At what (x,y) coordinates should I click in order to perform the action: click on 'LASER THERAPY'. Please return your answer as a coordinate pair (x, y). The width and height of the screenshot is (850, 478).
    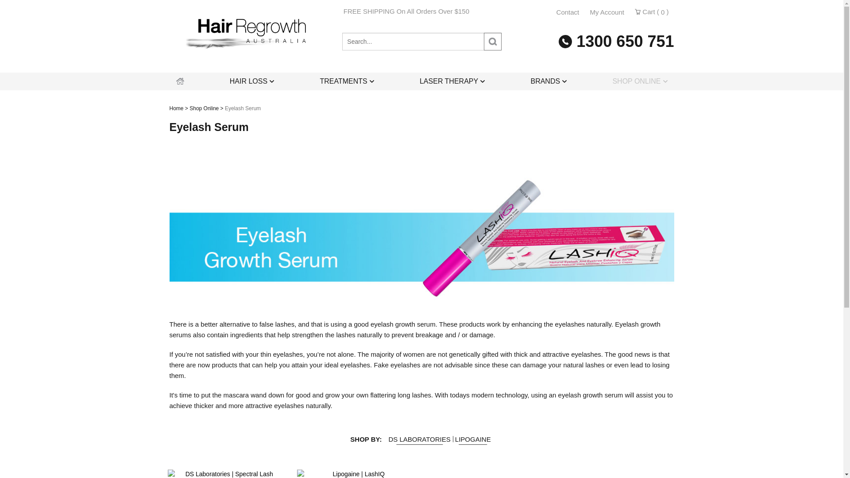
    Looking at the image, I should click on (412, 81).